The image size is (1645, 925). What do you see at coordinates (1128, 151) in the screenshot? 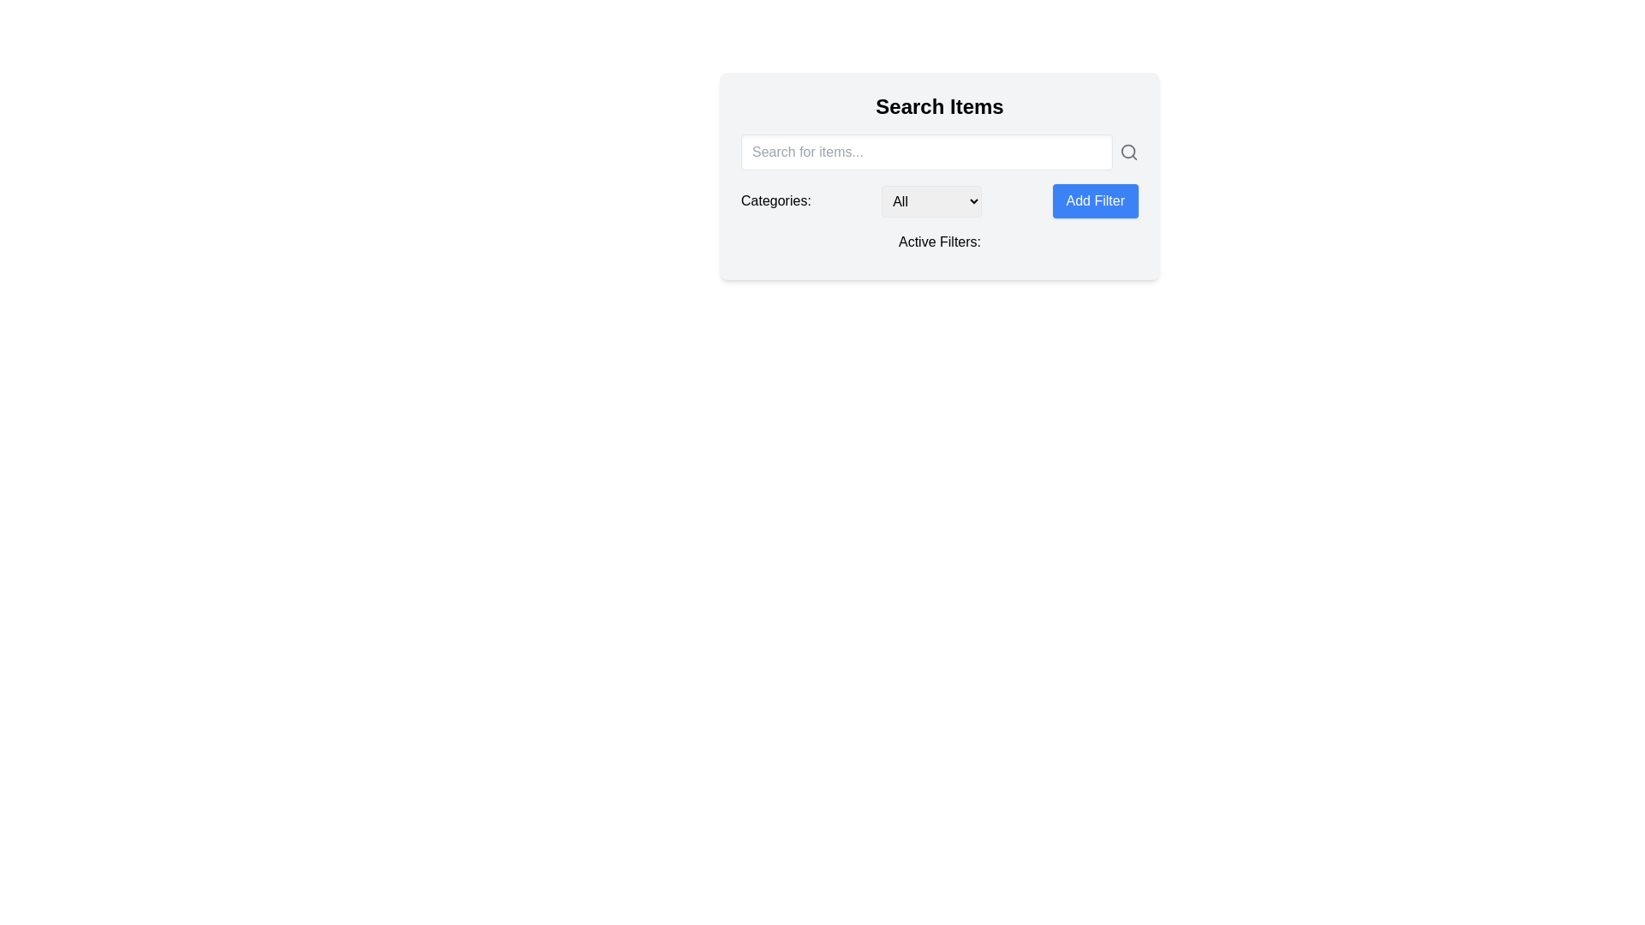
I see `the decorative circular shape inside the search icon located on the right-hand side of the search input field` at bounding box center [1128, 151].